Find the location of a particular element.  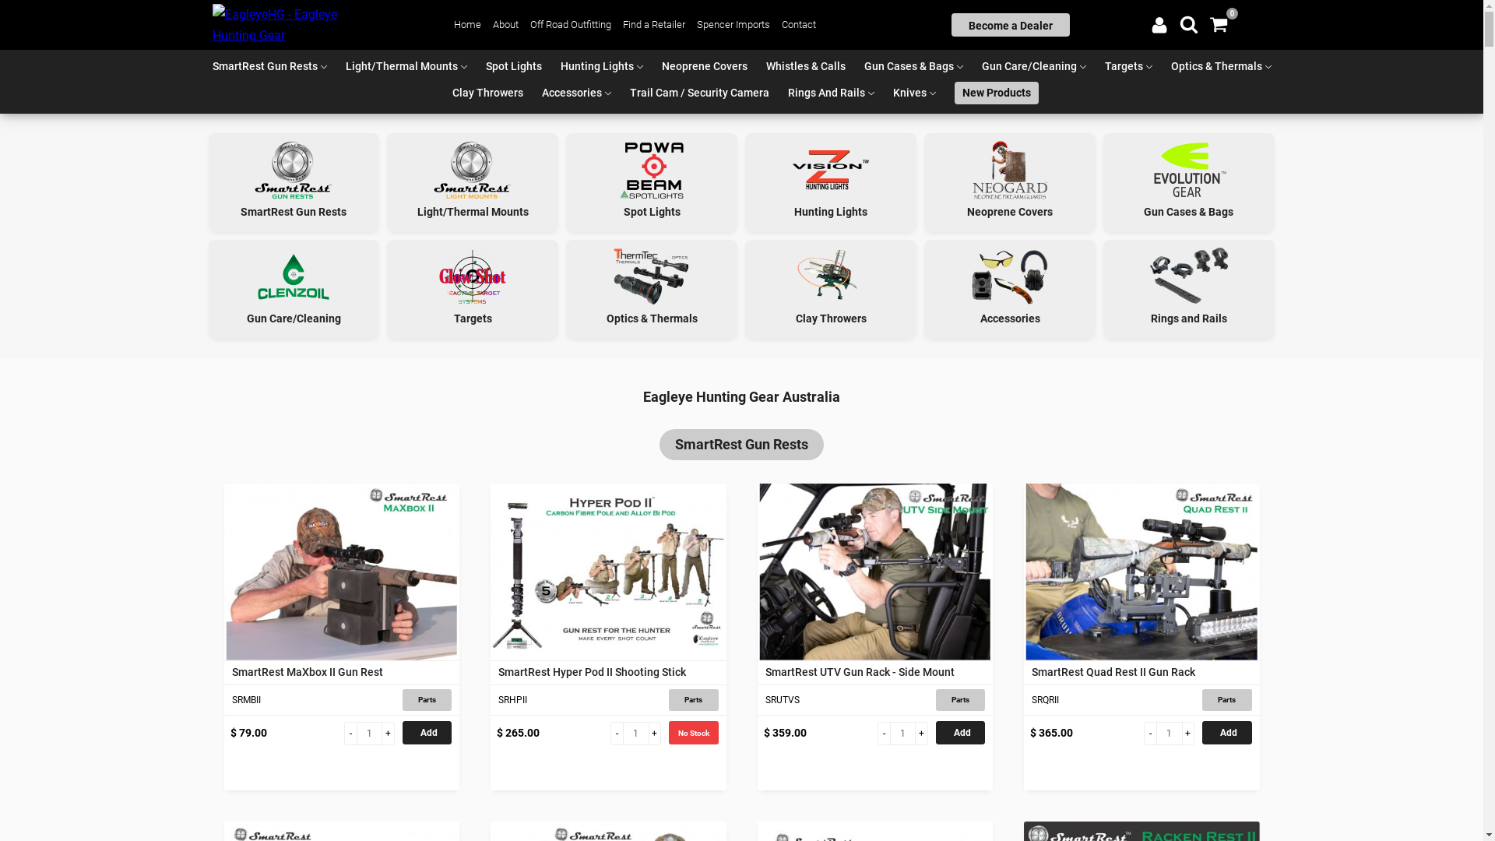

'Gun Care/Cleaning' is located at coordinates (1028, 65).